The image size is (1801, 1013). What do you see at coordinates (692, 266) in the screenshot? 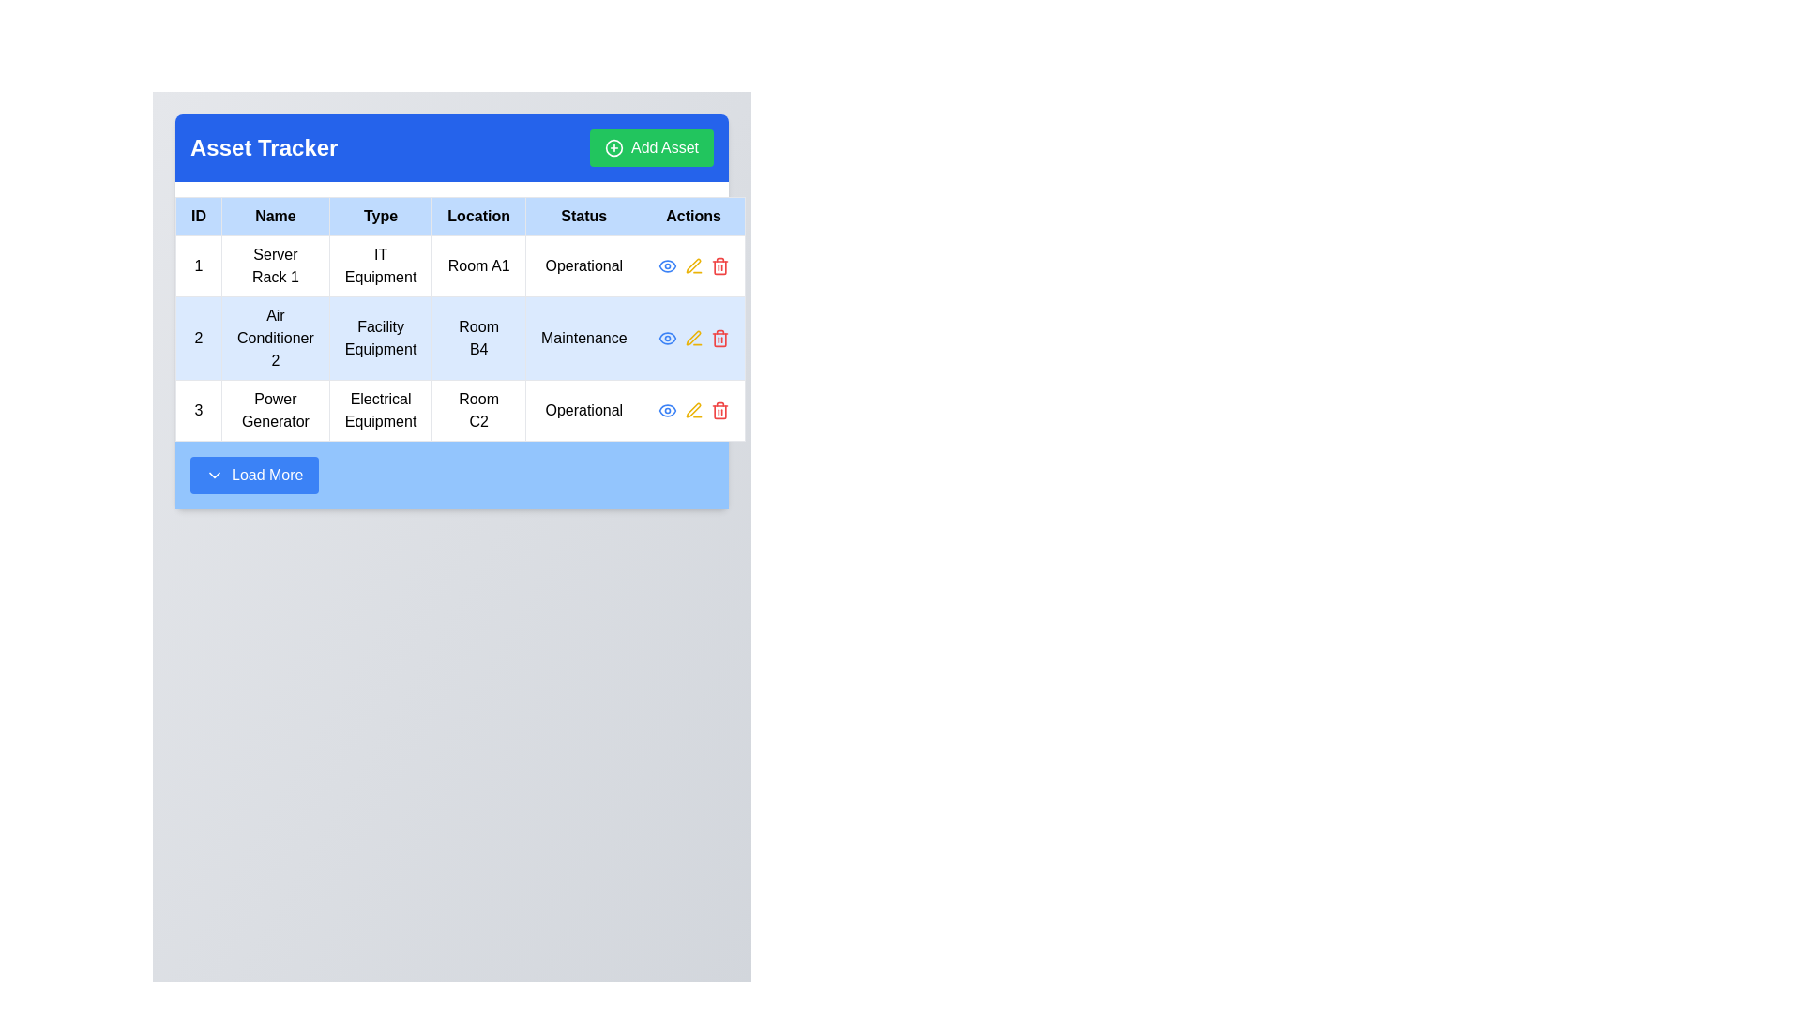
I see `the yellow pencil icon in the 'Actions' column of the first row` at bounding box center [692, 266].